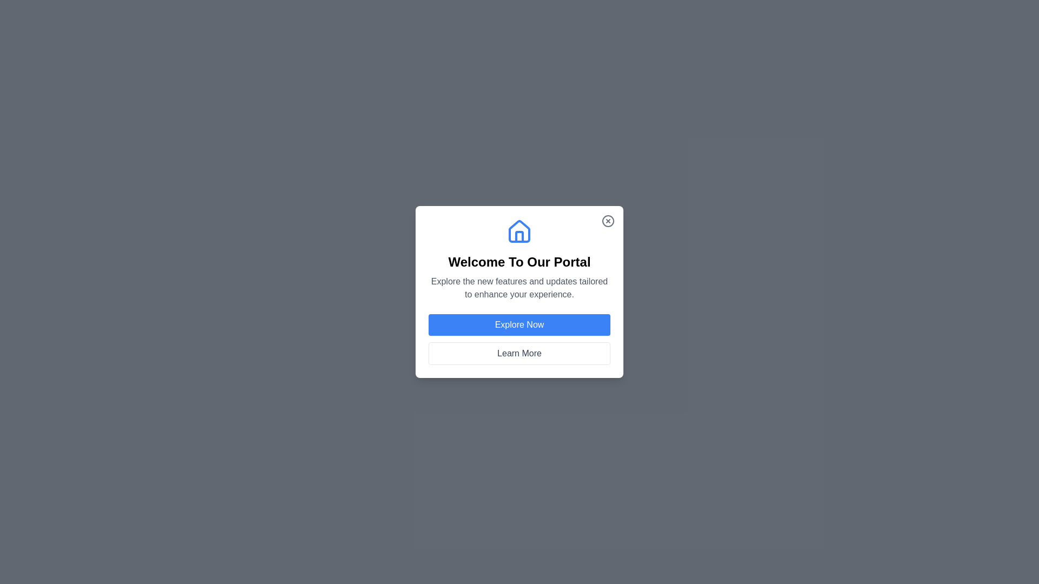  I want to click on the close button to dismiss the modal, so click(608, 220).